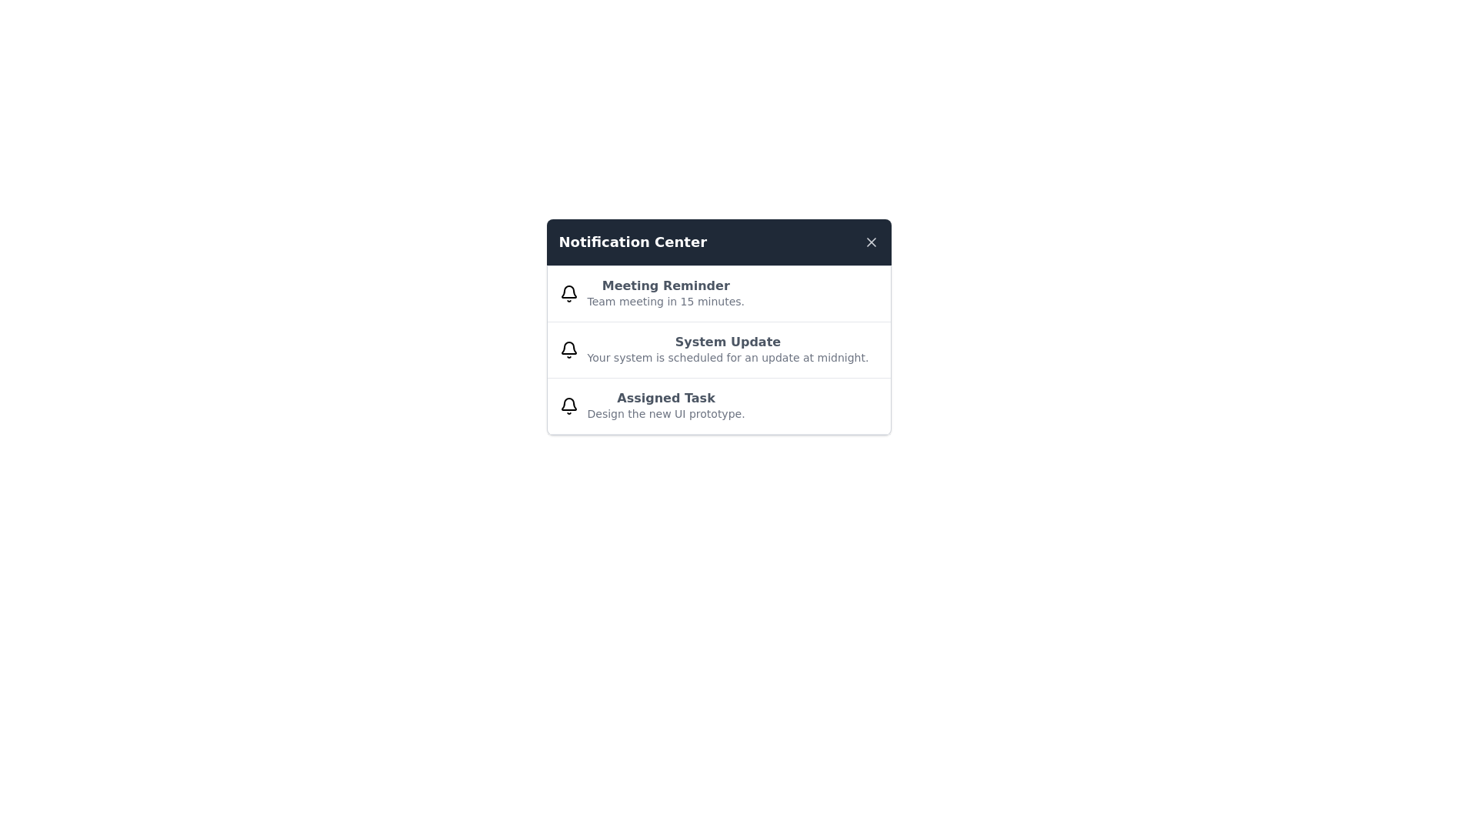  I want to click on the description of the 'System Update' notification located in the second position of the 'Notification Center' list, so click(718, 326).